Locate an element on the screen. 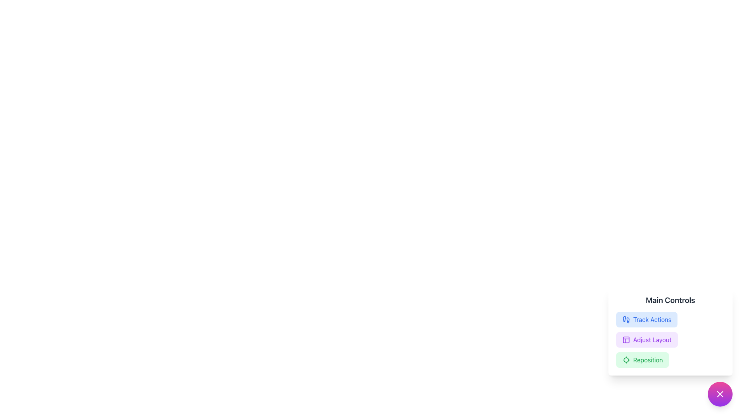 This screenshot has height=419, width=745. the circular button with a gradient background and a white 'X' icon in the center is located at coordinates (720, 394).